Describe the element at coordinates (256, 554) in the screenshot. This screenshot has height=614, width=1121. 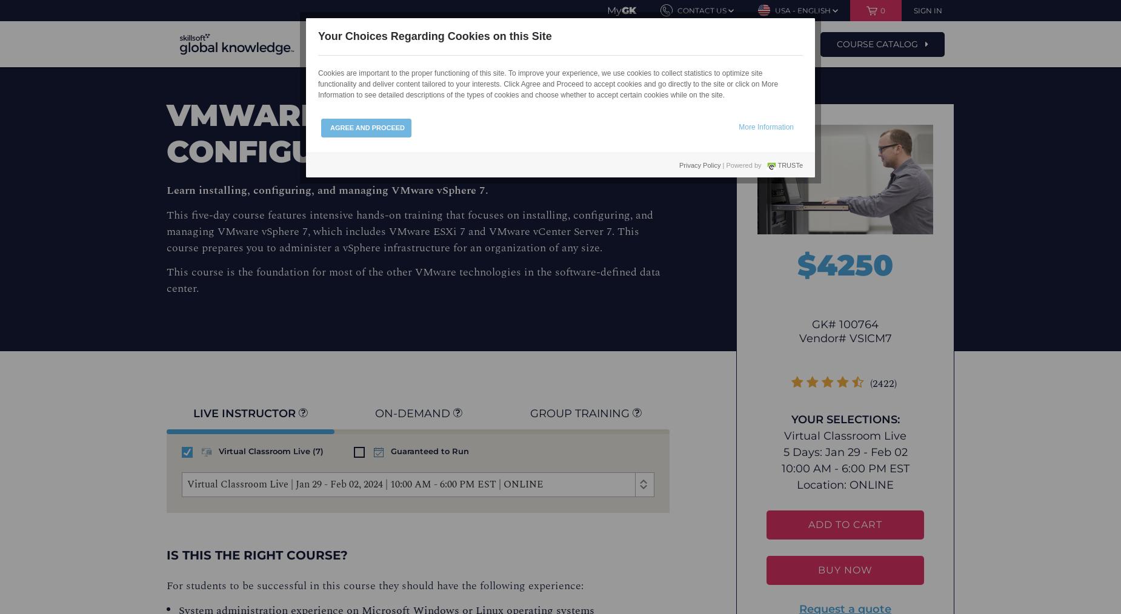
I see `'Is This The Right Course?'` at that location.